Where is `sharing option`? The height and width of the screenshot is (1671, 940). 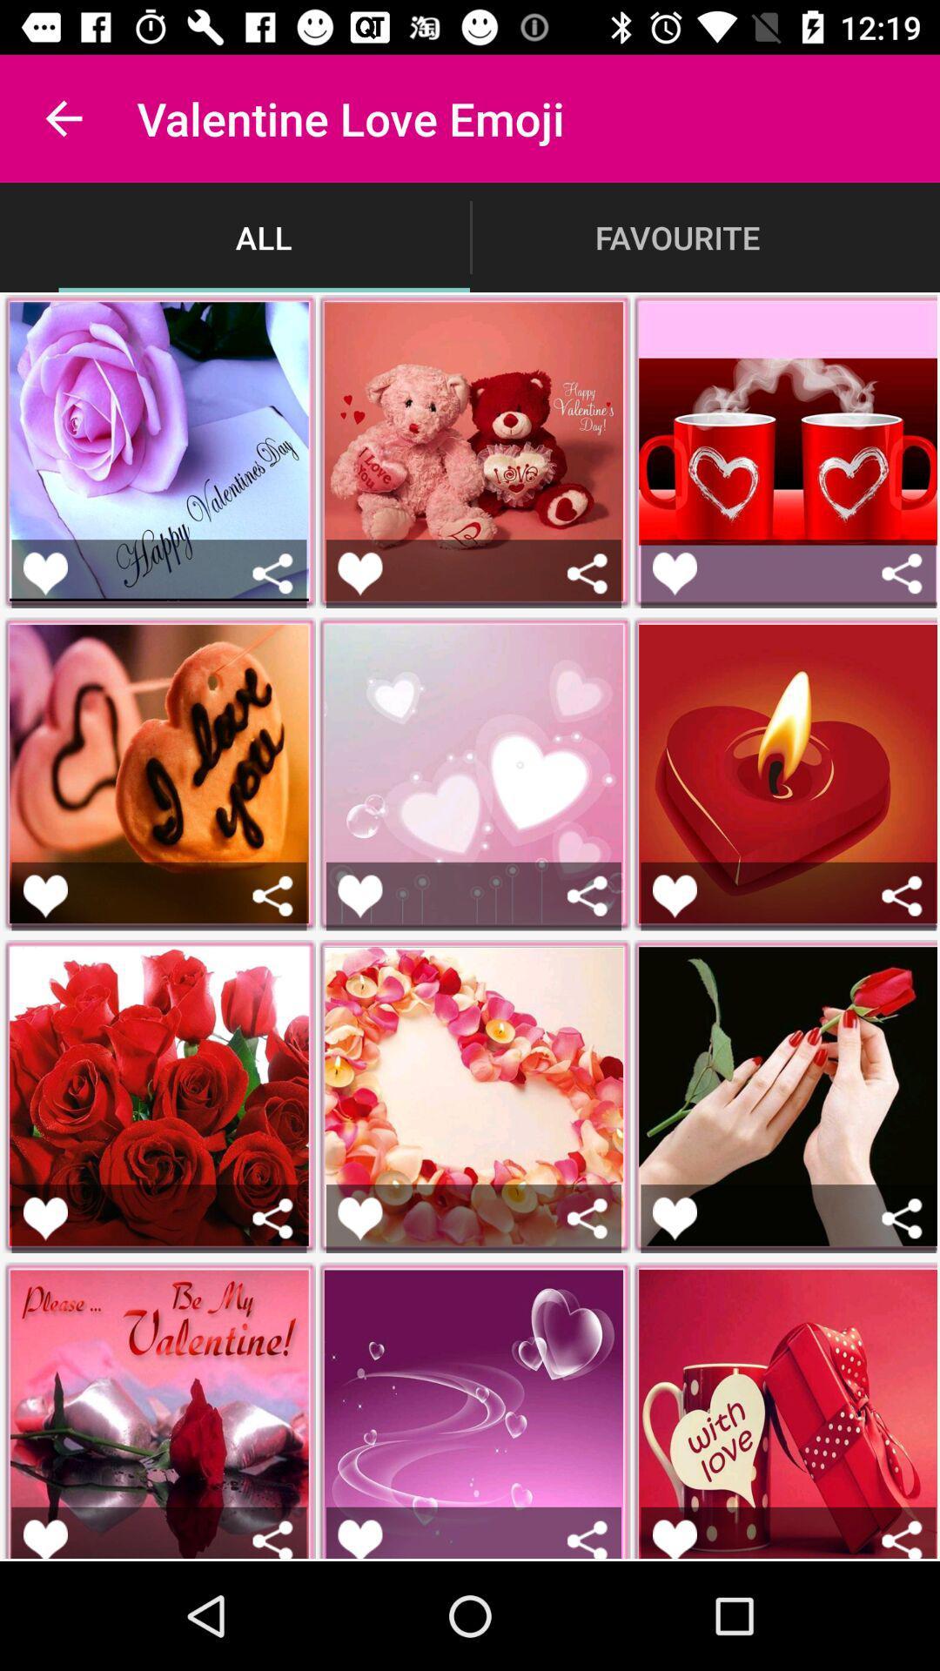
sharing option is located at coordinates (901, 1539).